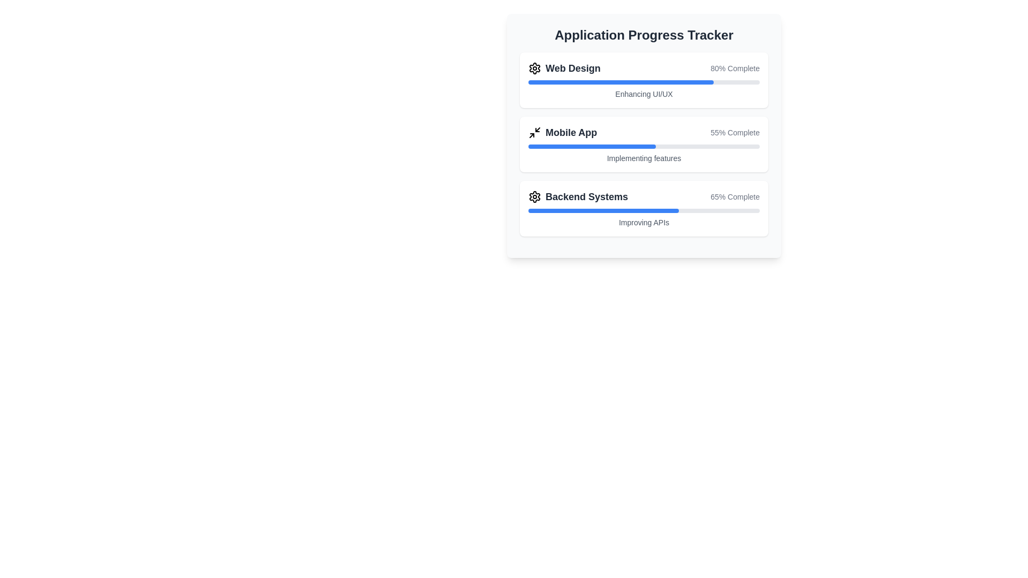  I want to click on the progress represented by the third progress bar in the 'Application Progress Tracker' card, located below '65% Complete' and above 'Improving APIs', so click(644, 210).